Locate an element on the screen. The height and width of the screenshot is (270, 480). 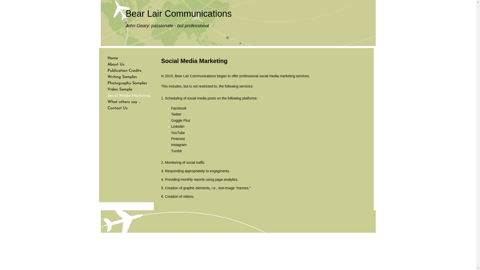
'Contact Us' is located at coordinates (117, 108).